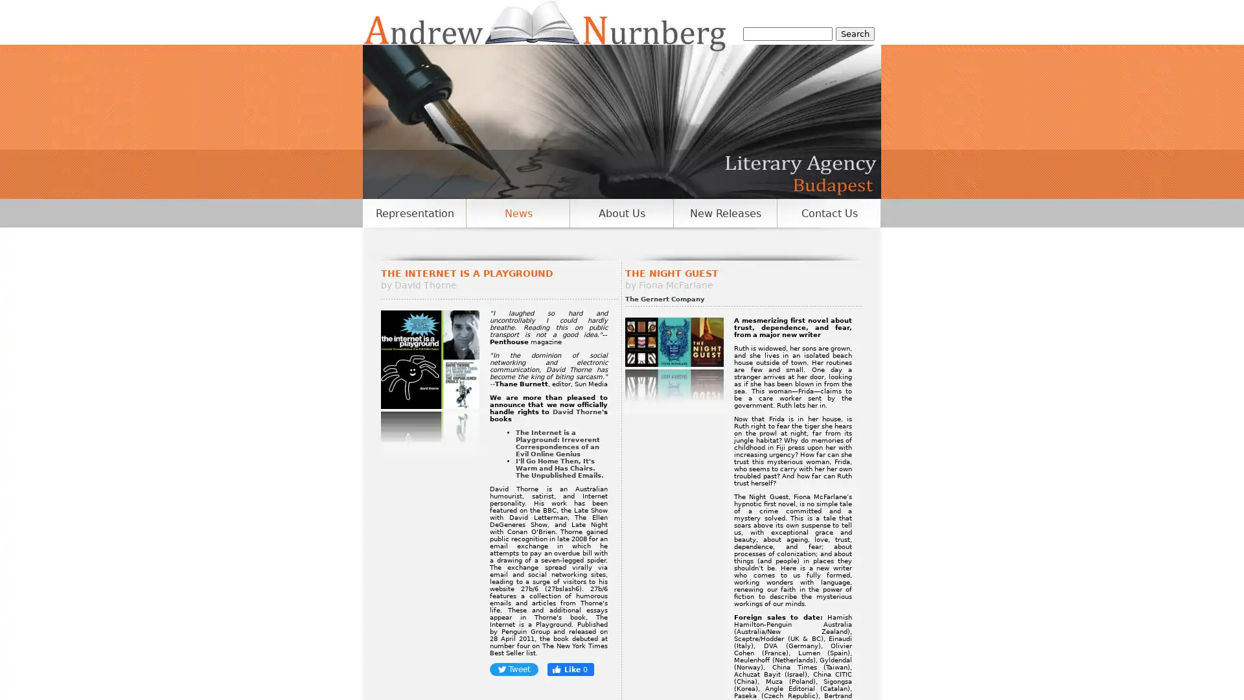  Describe the element at coordinates (855, 33) in the screenshot. I see `Search` at that location.